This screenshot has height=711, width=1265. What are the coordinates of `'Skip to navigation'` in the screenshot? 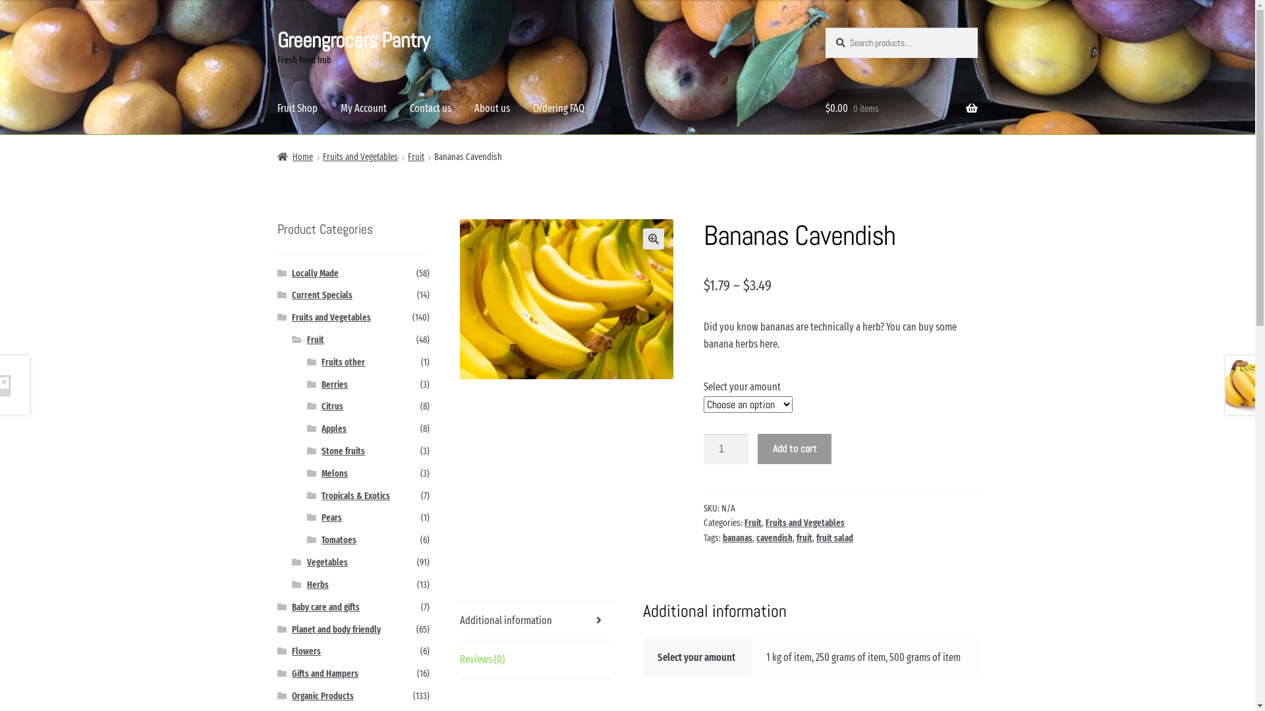 It's located at (276, 27).